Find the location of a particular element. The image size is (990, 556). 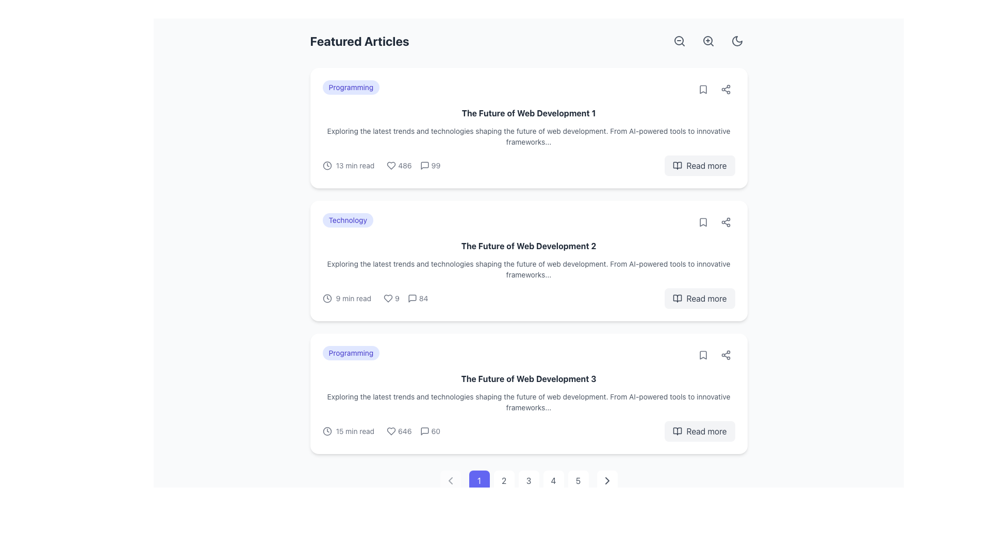

the Text Label that serves as the main title for the third content card, centrally located at the top of the card is located at coordinates (529, 379).